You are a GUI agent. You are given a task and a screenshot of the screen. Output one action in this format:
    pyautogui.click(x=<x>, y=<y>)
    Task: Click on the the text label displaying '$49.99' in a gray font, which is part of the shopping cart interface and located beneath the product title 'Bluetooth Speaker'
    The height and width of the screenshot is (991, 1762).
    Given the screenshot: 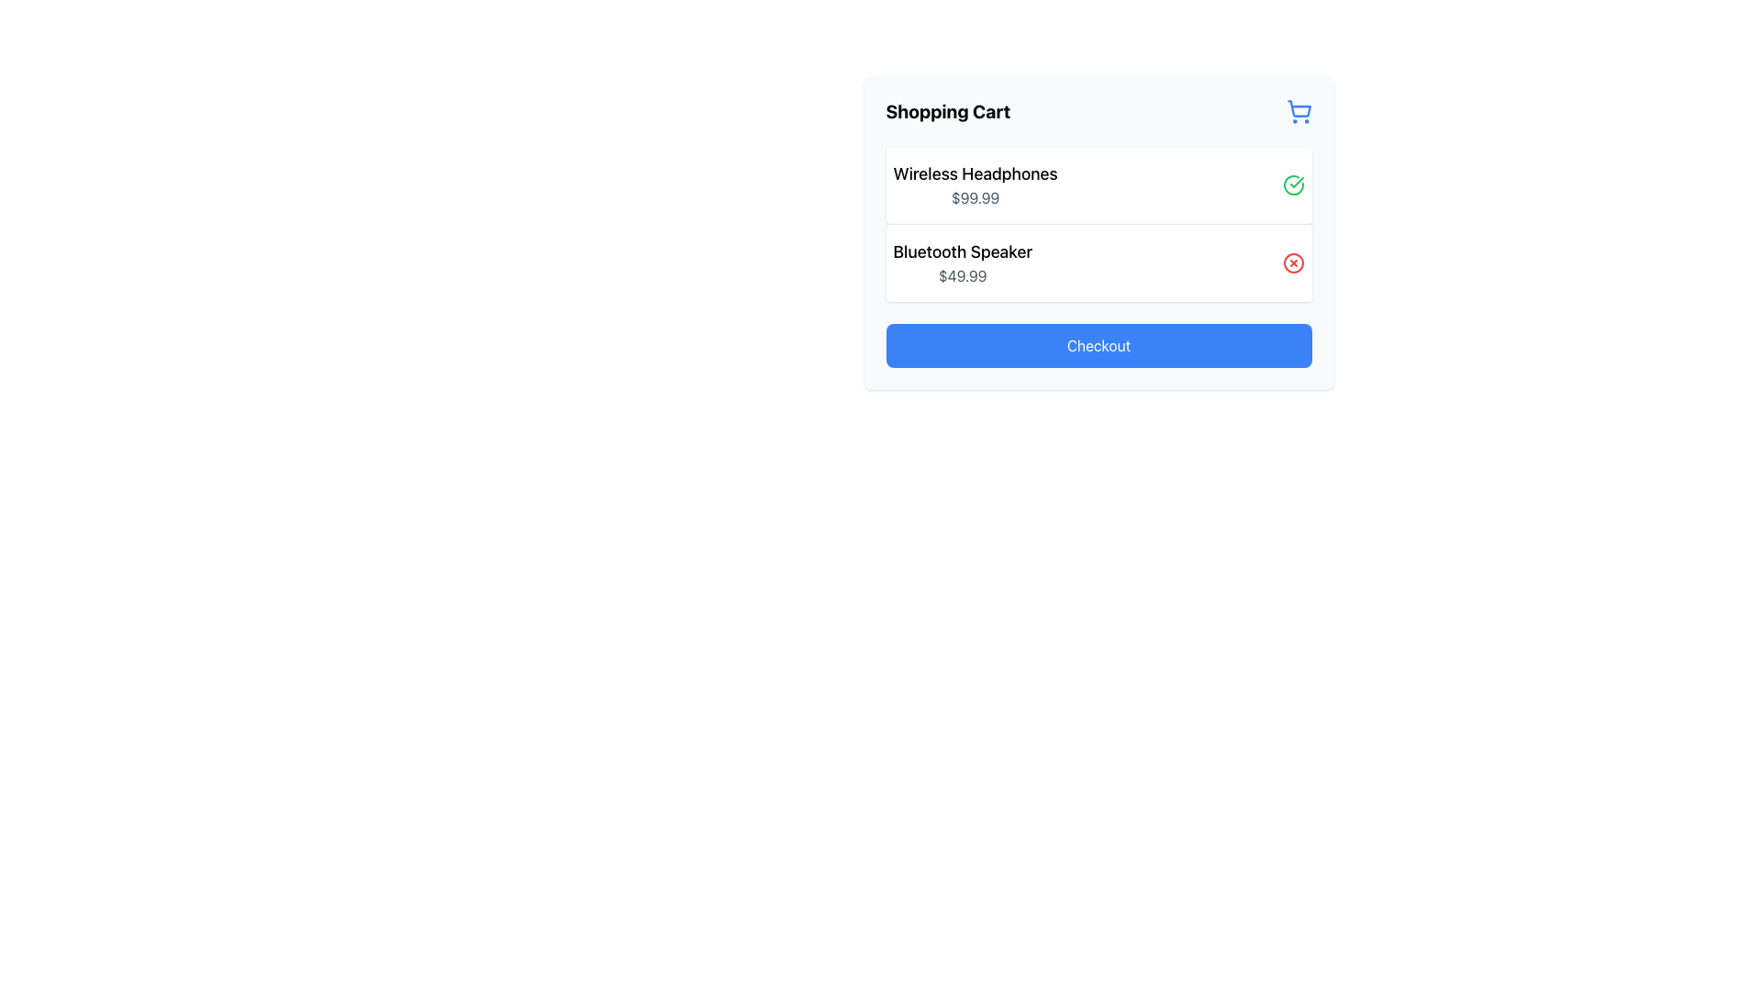 What is the action you would take?
    pyautogui.click(x=962, y=275)
    